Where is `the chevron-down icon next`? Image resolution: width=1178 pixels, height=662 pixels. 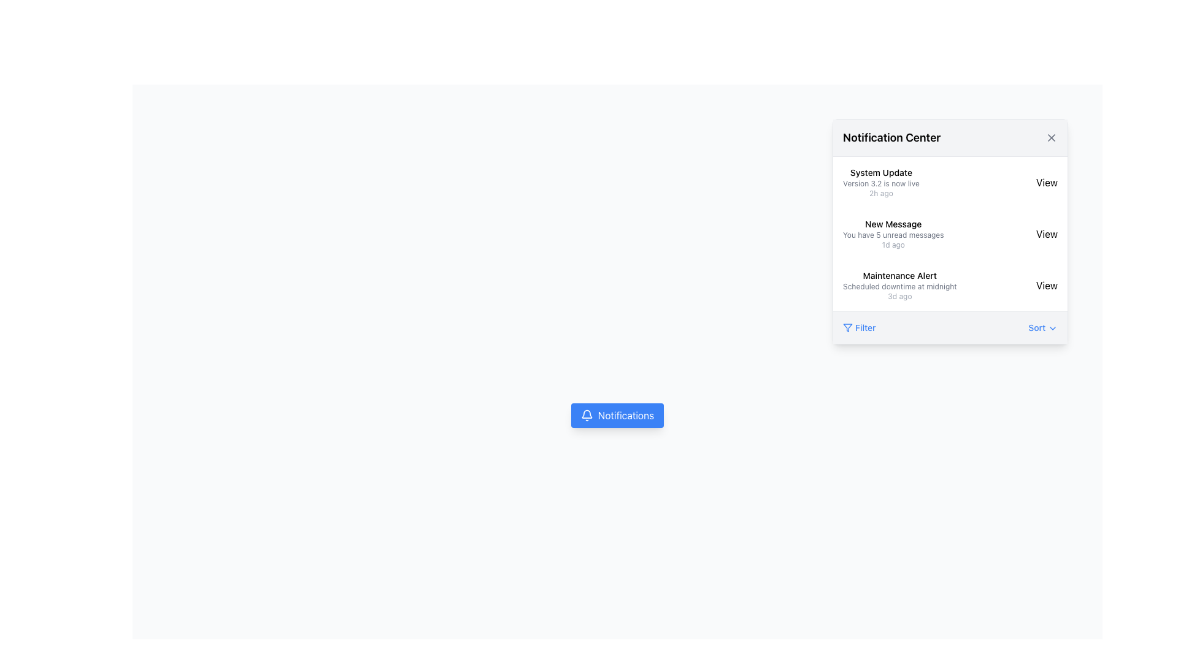 the chevron-down icon next is located at coordinates (1052, 328).